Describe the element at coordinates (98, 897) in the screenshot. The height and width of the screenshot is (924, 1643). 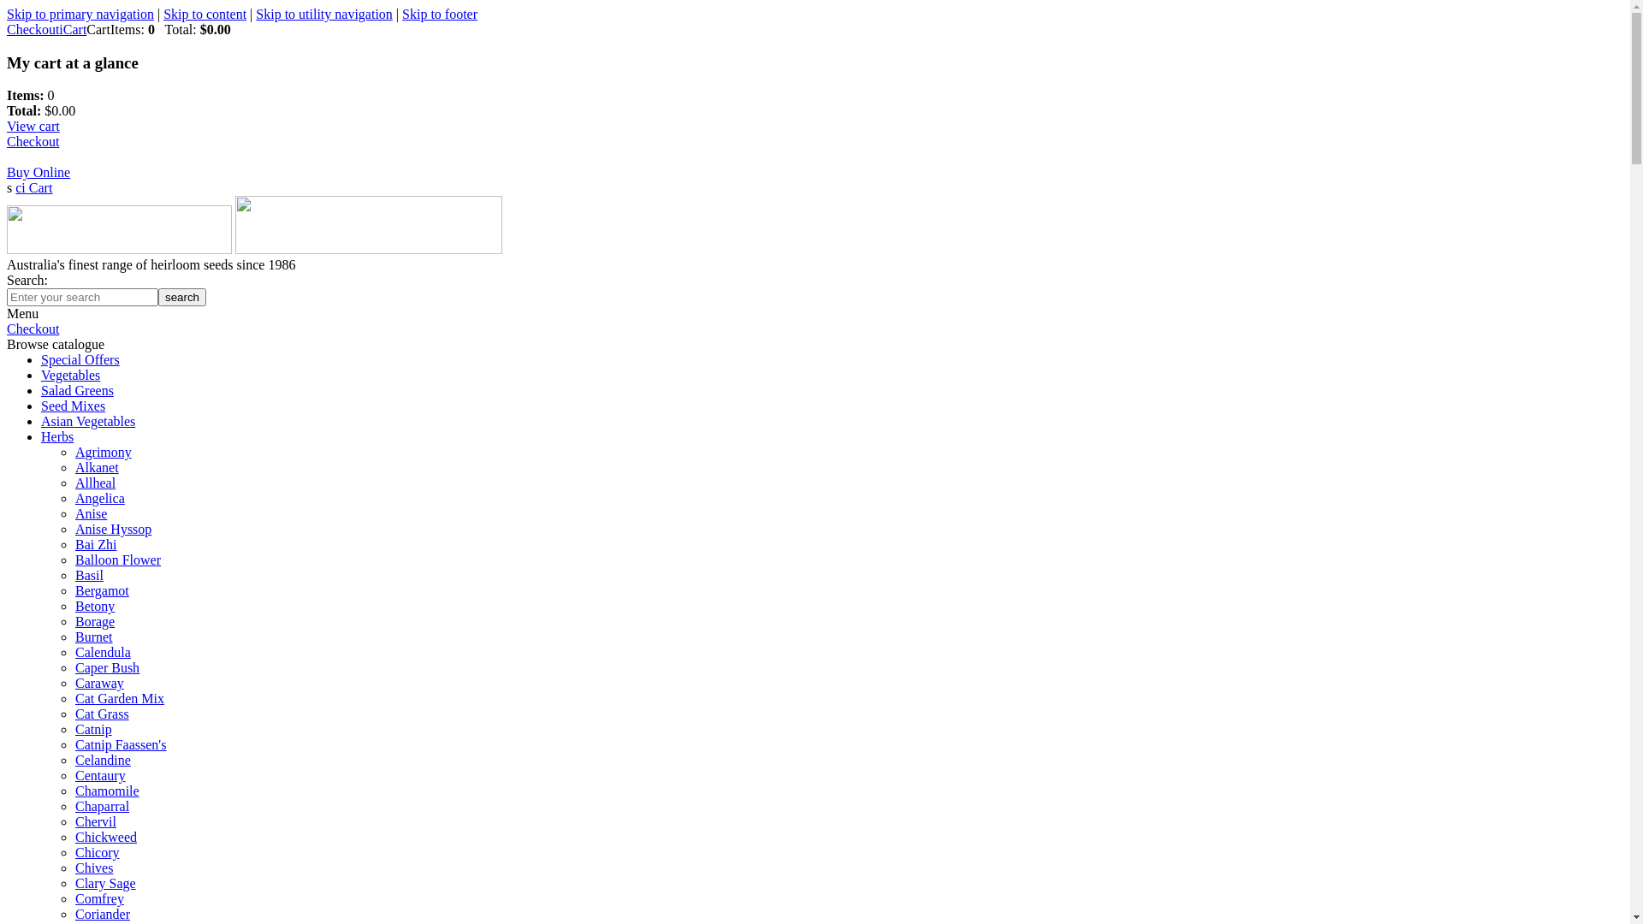
I see `'Comfrey'` at that location.